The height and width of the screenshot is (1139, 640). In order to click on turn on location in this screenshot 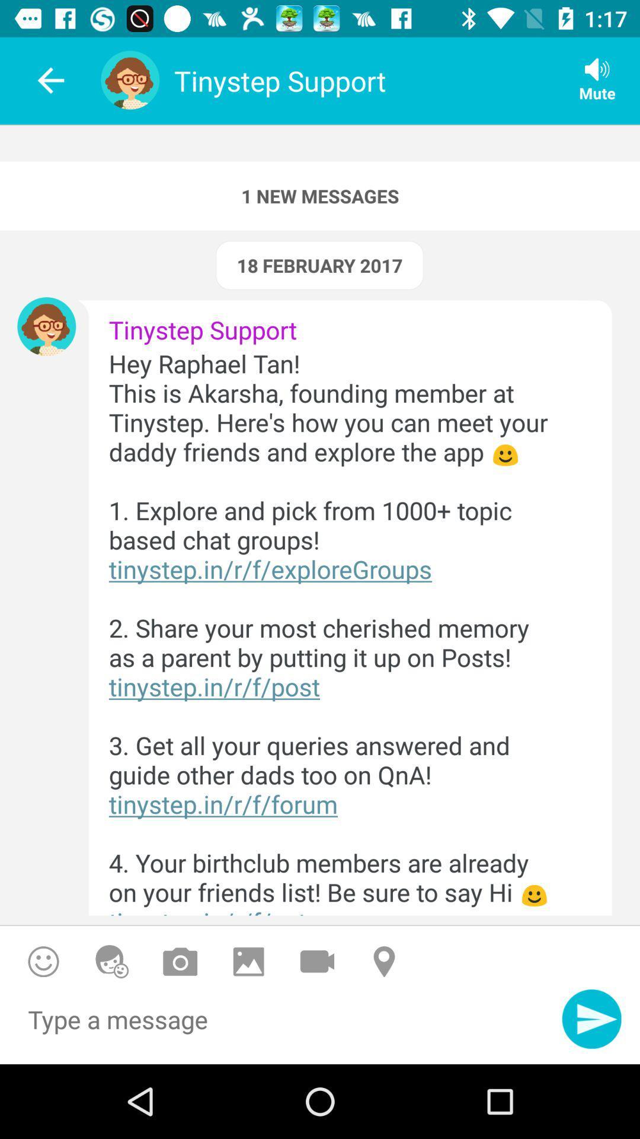, I will do `click(386, 962)`.